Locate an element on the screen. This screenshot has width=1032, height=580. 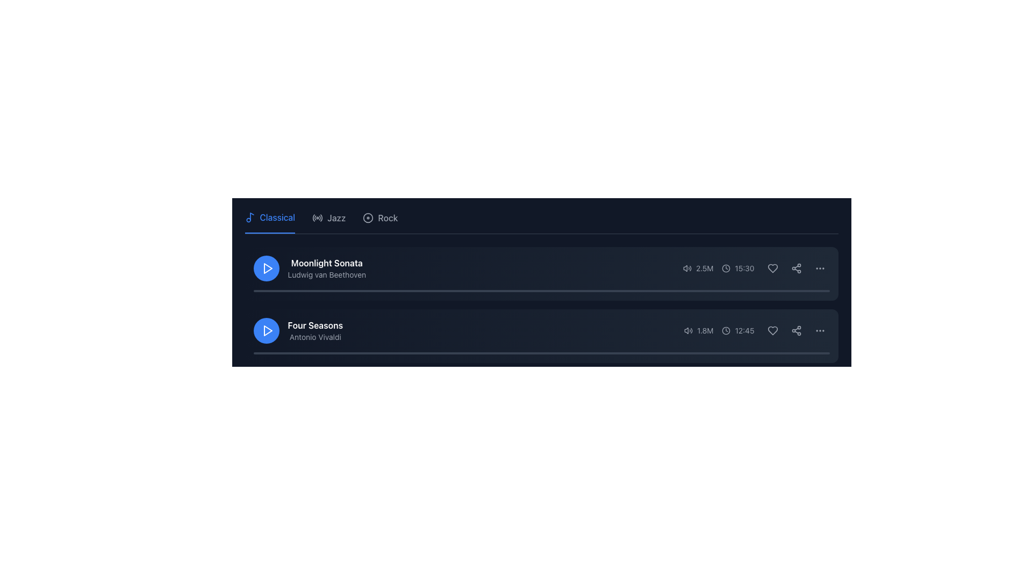
the 'like' button located in the upper-right region of the 'Moonlight Sonata' card is located at coordinates (772, 268).